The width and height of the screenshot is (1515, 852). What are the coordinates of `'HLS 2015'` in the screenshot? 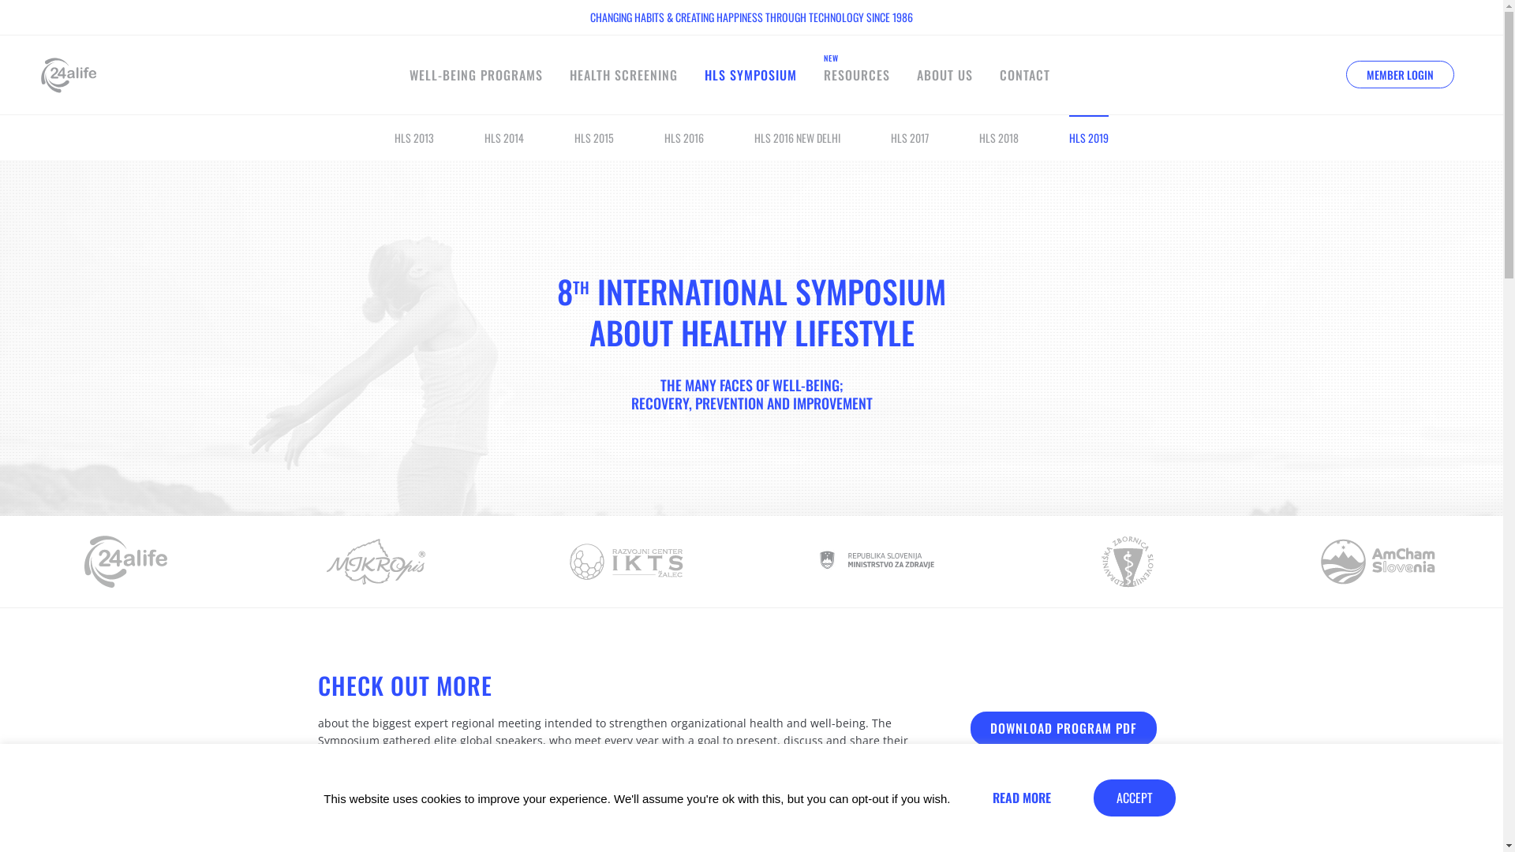 It's located at (593, 136).